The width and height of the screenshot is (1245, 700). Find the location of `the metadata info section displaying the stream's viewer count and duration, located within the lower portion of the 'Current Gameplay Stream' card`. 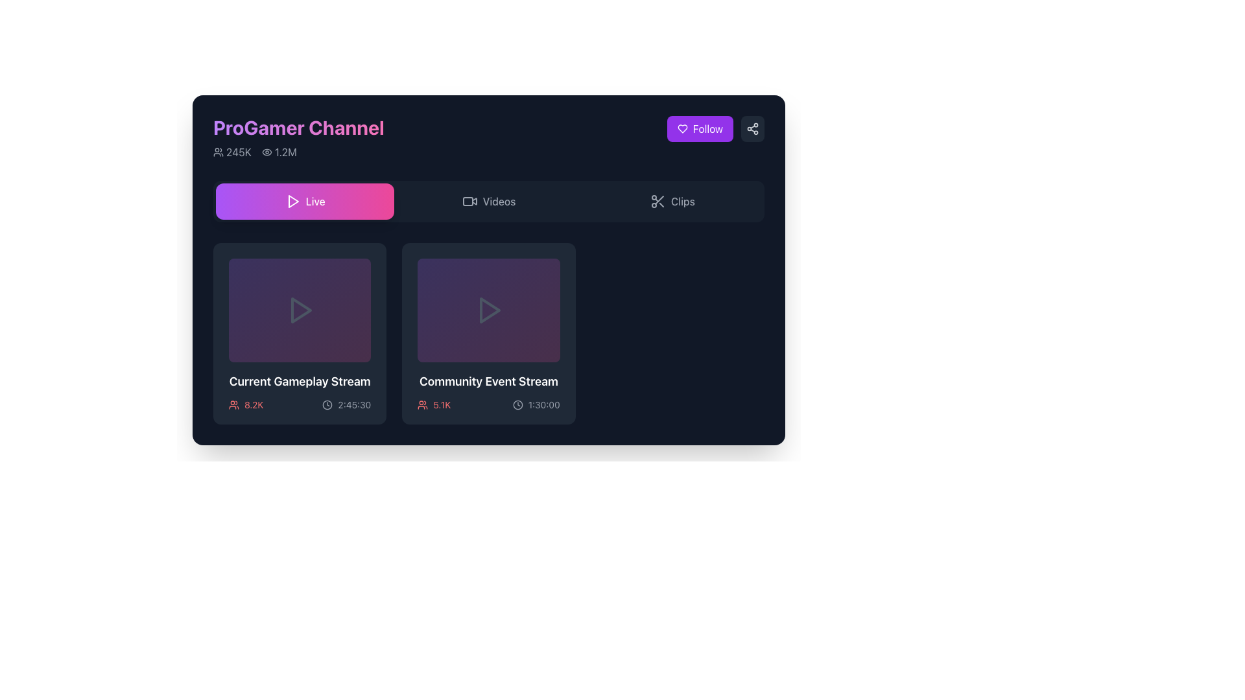

the metadata info section displaying the stream's viewer count and duration, located within the lower portion of the 'Current Gameplay Stream' card is located at coordinates (299, 404).